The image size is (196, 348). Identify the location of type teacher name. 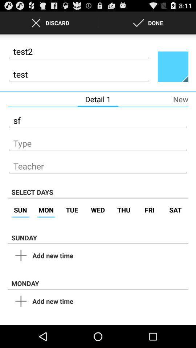
(98, 164).